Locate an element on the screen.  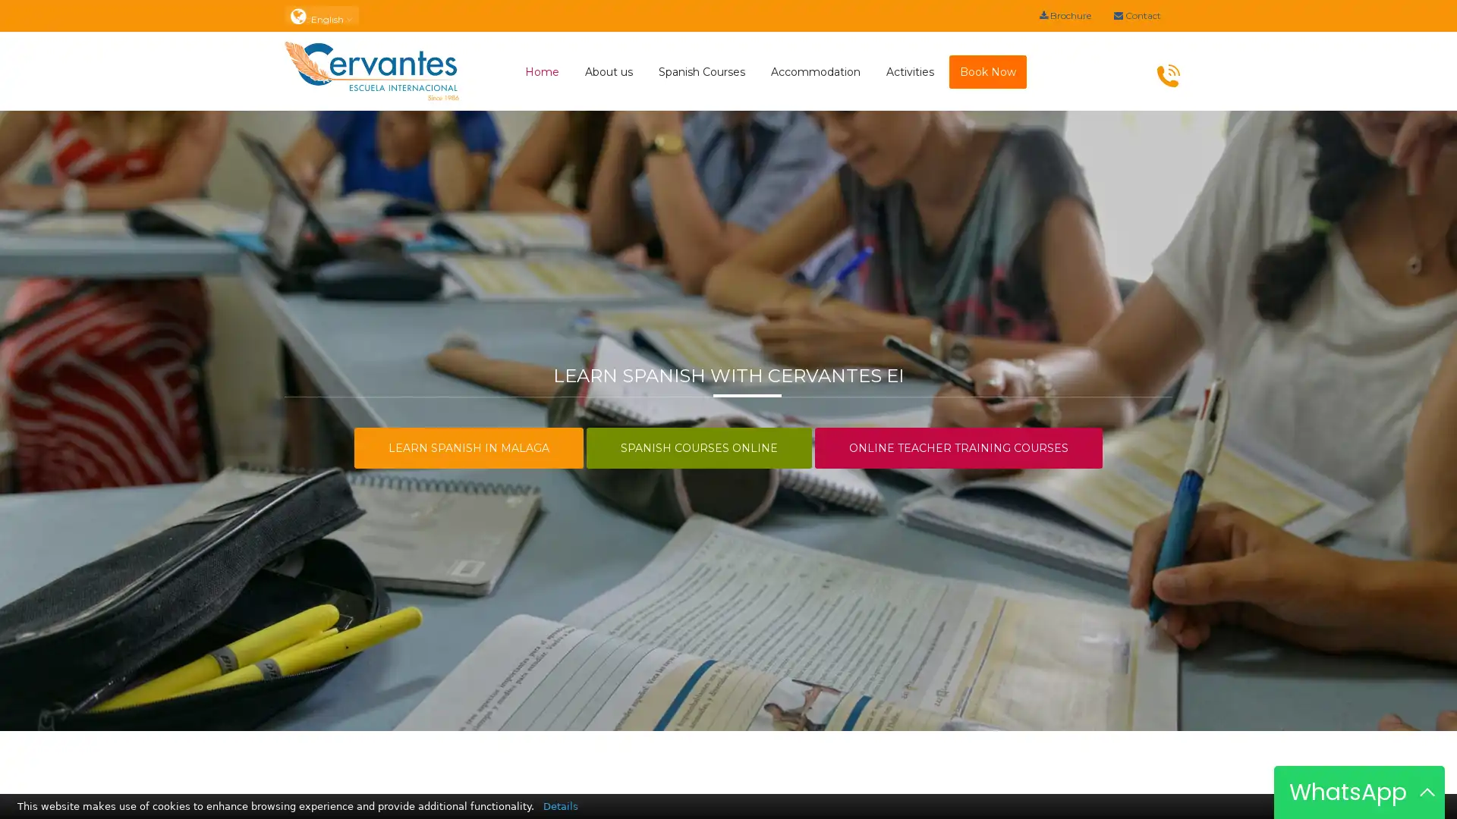
: English is located at coordinates (320, 14).